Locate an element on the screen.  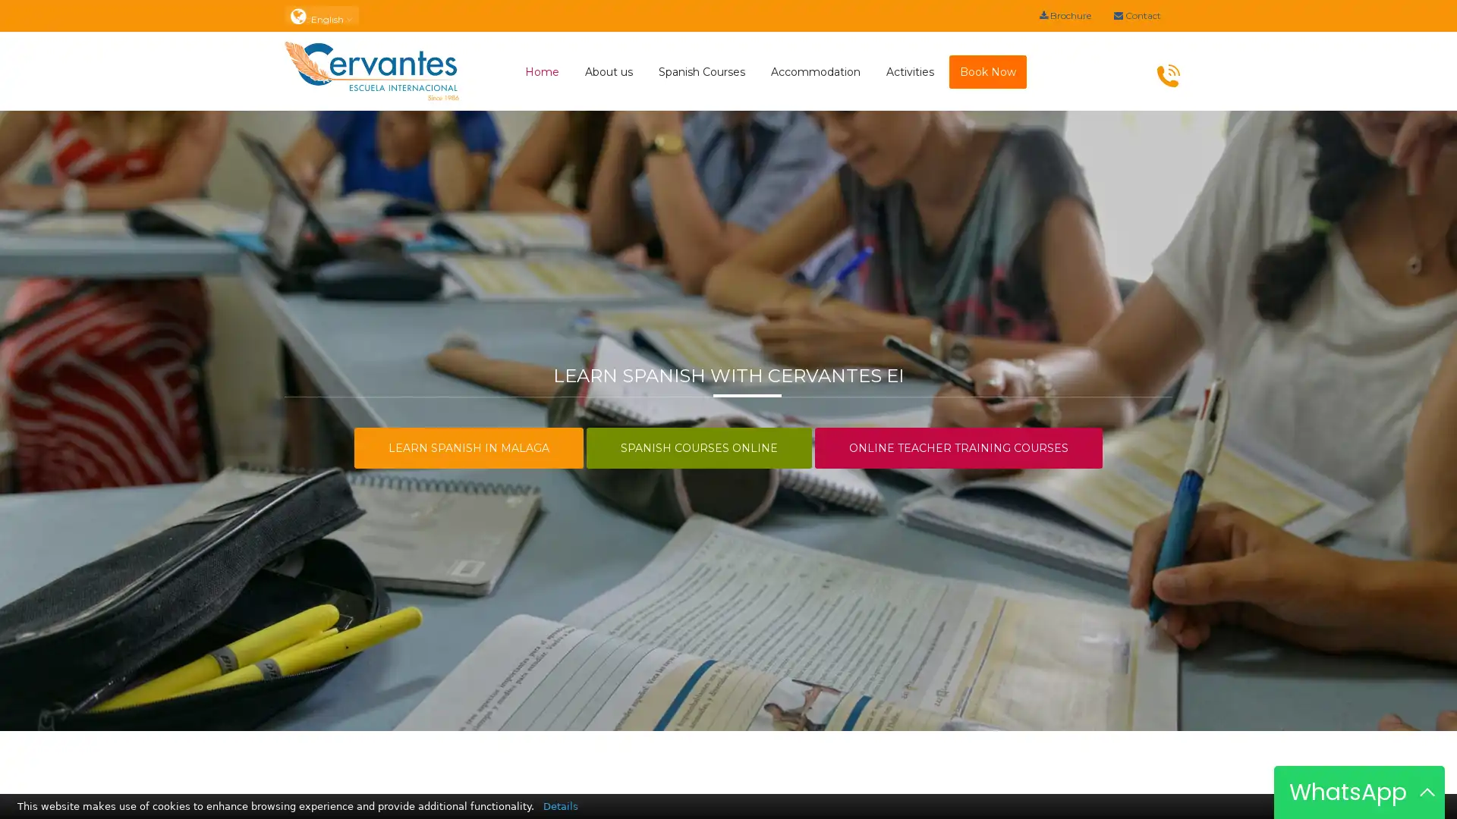
: English is located at coordinates (320, 14).